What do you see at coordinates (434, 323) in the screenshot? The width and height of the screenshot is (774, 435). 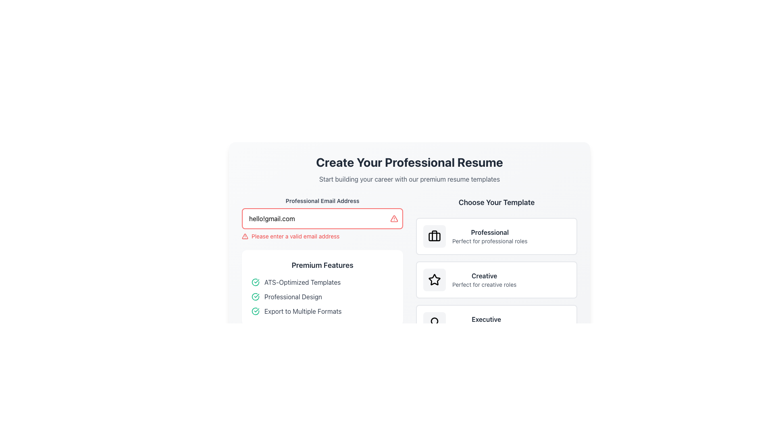 I see `the award badge-like icon located in the lower section of the 'Choose Your Template' panel, under the 'Executive' template option` at bounding box center [434, 323].